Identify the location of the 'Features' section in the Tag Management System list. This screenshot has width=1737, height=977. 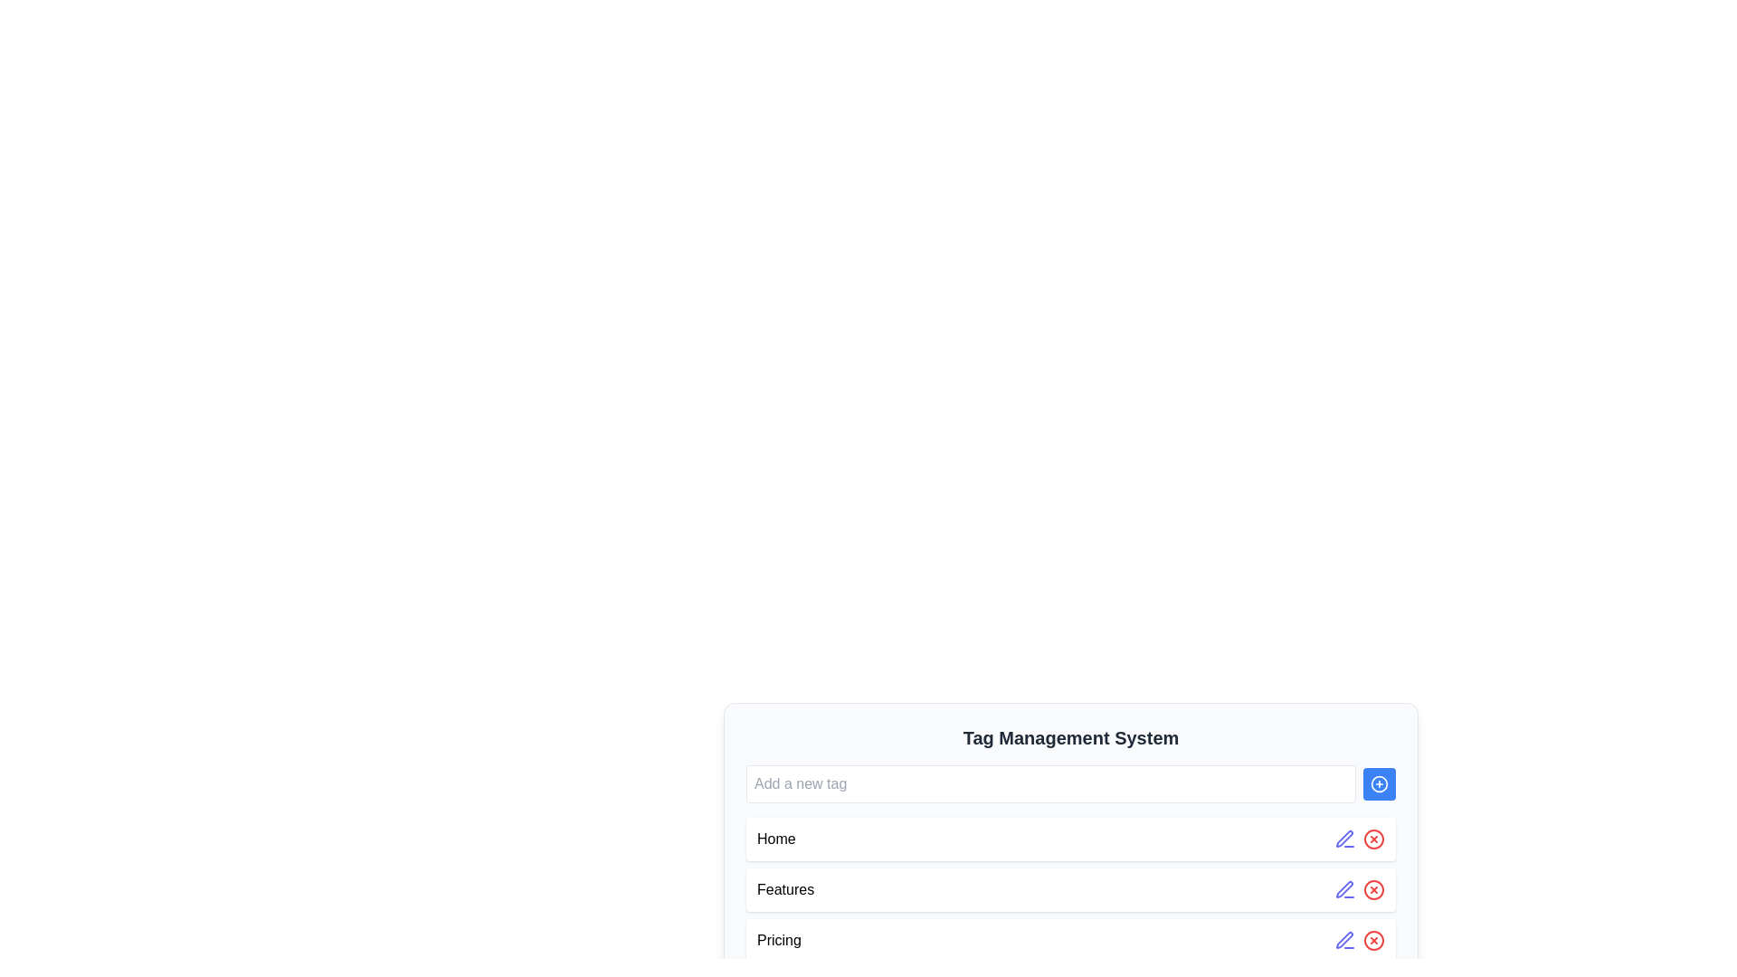
(1071, 888).